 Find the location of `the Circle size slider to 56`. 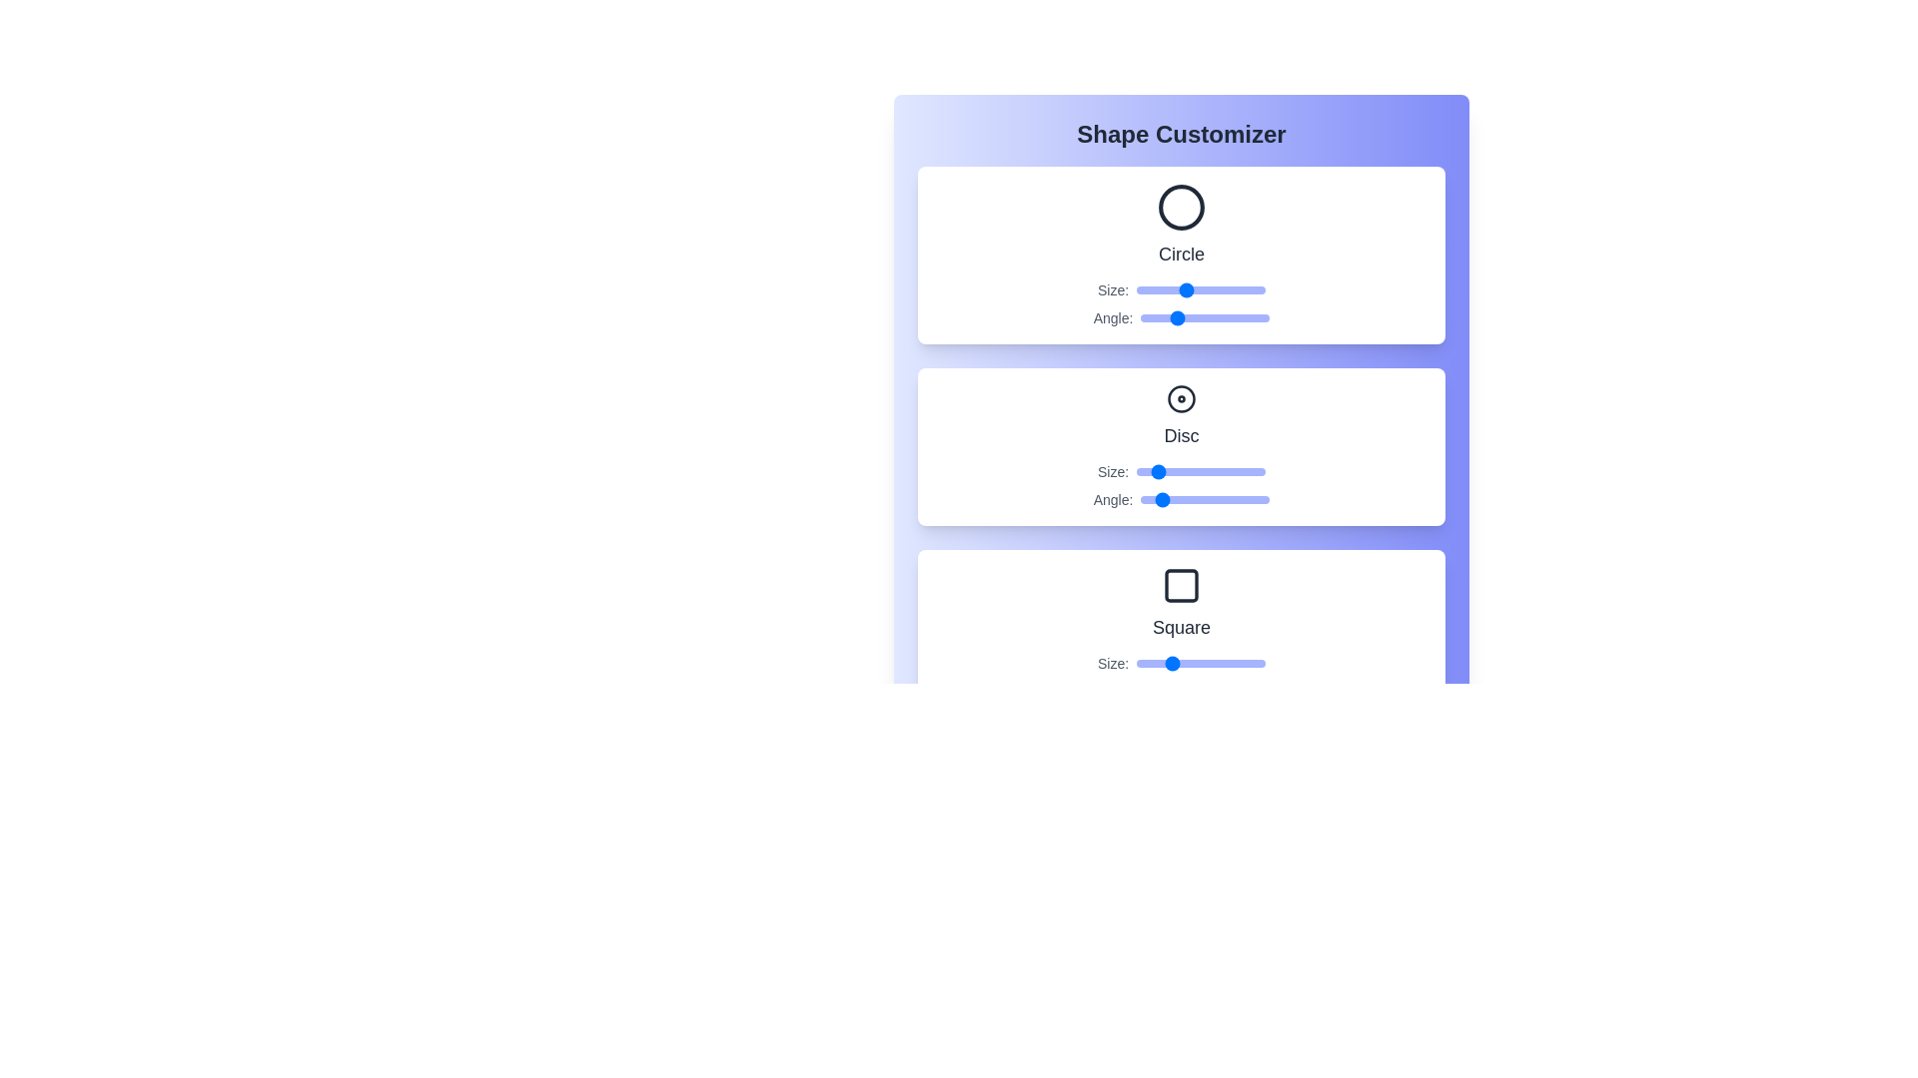

the Circle size slider to 56 is located at coordinates (1195, 289).